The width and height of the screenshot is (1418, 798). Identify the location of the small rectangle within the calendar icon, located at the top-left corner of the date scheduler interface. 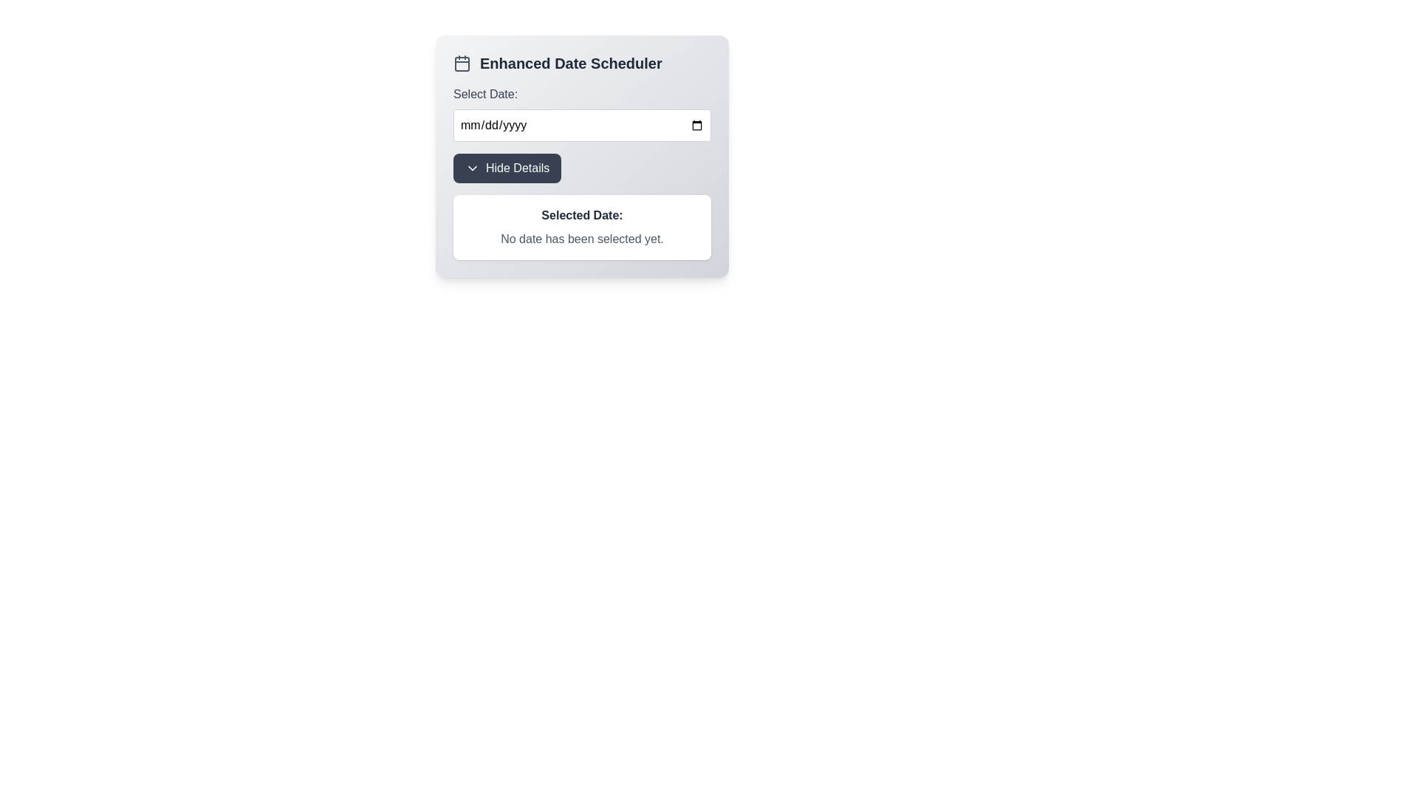
(461, 64).